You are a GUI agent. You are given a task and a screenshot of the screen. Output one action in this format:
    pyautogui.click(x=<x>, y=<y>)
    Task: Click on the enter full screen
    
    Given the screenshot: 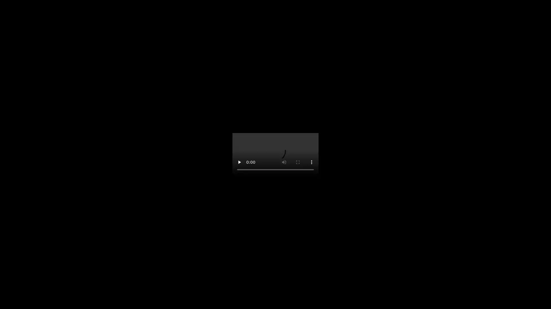 What is the action you would take?
    pyautogui.click(x=298, y=162)
    